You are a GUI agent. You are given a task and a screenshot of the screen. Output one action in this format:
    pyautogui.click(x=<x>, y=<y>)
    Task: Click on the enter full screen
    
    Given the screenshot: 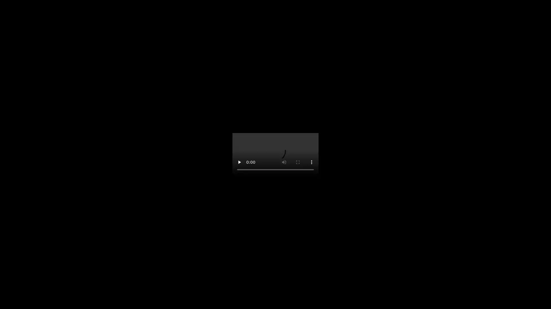 What is the action you would take?
    pyautogui.click(x=298, y=162)
    